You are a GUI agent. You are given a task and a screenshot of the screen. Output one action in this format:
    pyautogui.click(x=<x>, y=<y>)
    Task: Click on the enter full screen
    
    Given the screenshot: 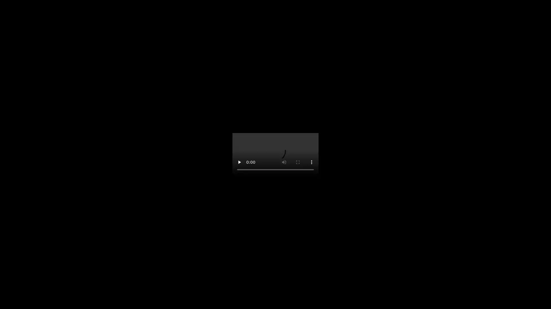 What is the action you would take?
    pyautogui.click(x=298, y=162)
    